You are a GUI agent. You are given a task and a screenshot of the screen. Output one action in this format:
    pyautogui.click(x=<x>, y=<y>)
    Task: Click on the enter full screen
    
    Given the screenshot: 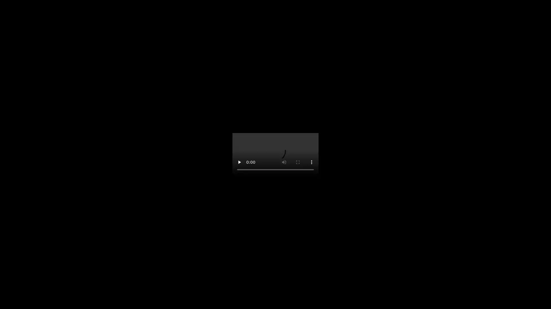 What is the action you would take?
    pyautogui.click(x=298, y=162)
    